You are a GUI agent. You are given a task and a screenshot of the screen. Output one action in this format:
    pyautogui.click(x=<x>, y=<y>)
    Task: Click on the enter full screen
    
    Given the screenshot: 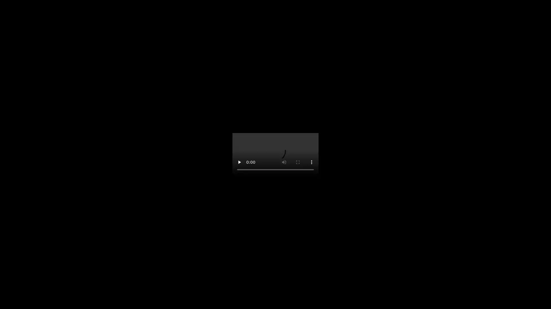 What is the action you would take?
    pyautogui.click(x=298, y=162)
    